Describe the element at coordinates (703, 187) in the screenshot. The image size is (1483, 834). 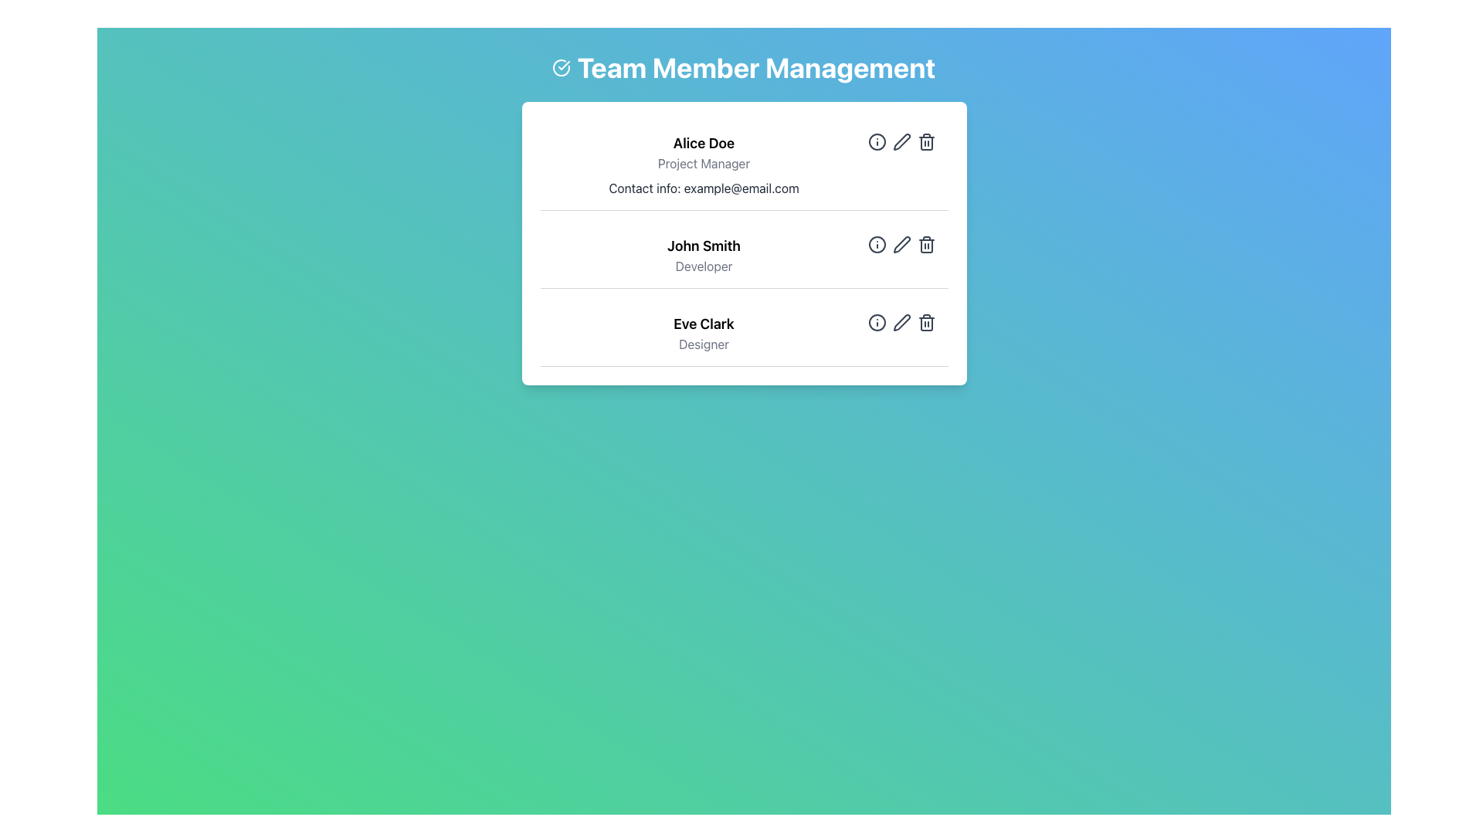
I see `informational text label displaying the contact information for 'Alice Doe' located centrally within the first team member card beneath the 'Project Manager' title` at that location.